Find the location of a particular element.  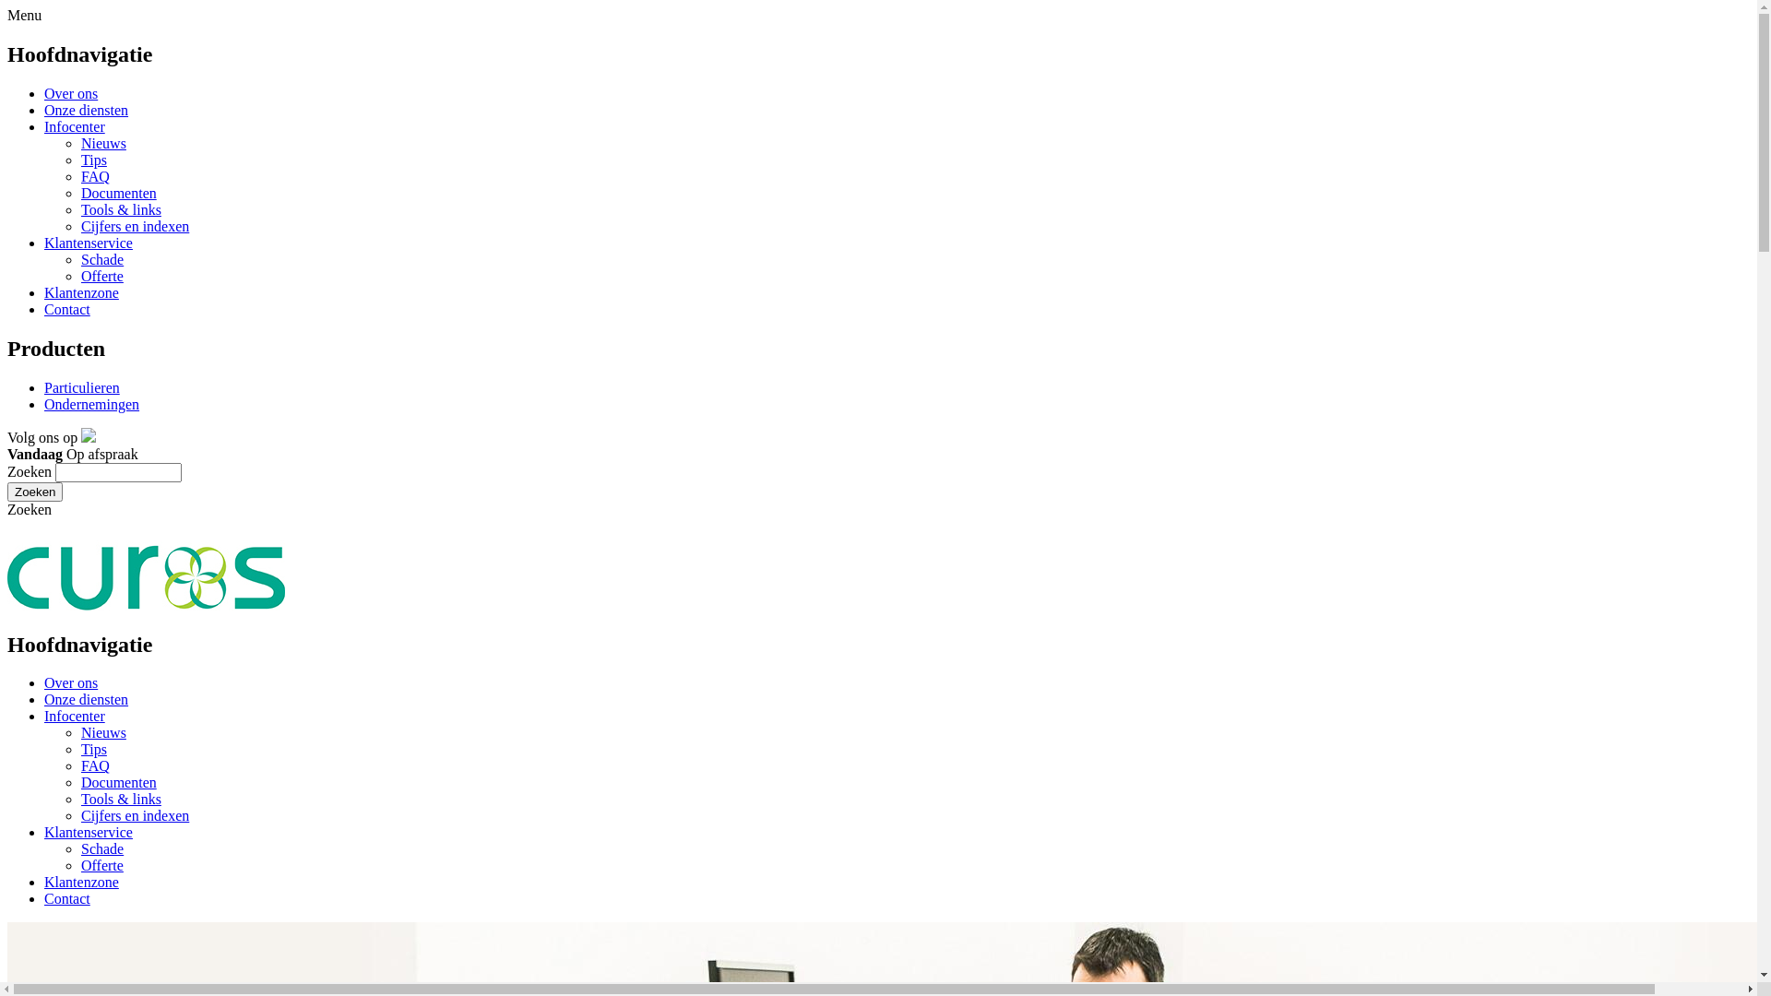

'Ondernemingen' is located at coordinates (90, 403).